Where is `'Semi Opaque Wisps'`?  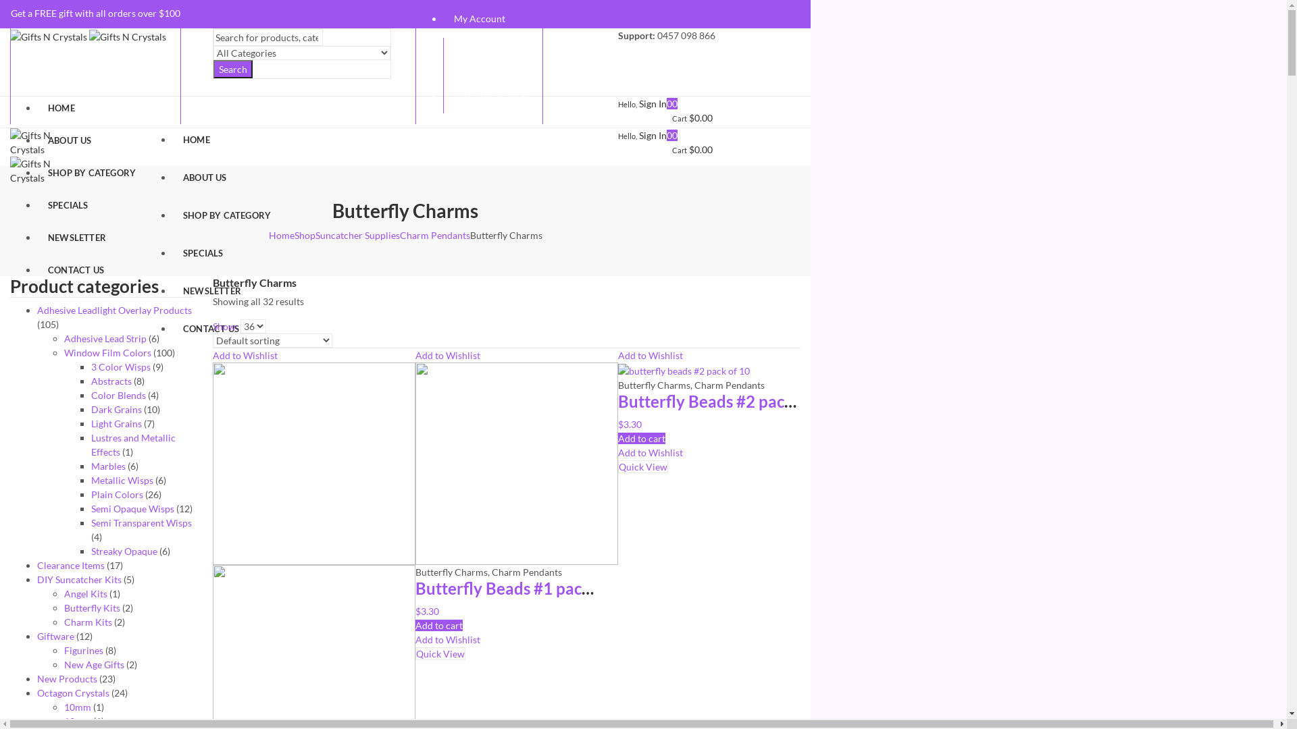 'Semi Opaque Wisps' is located at coordinates (90, 508).